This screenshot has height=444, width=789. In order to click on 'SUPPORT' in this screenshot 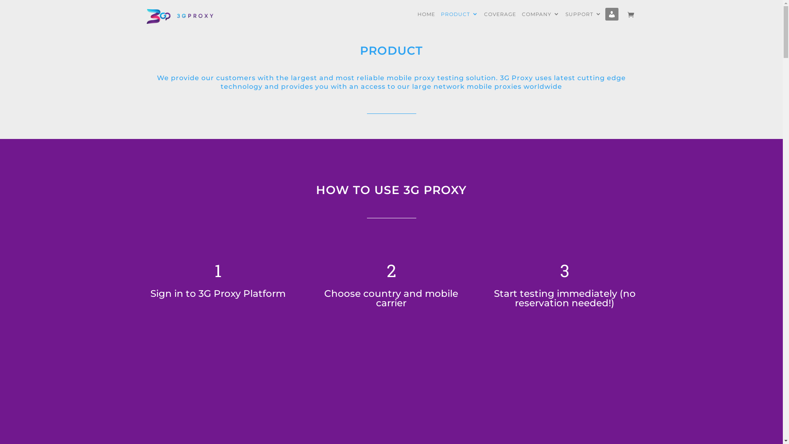, I will do `click(565, 20)`.